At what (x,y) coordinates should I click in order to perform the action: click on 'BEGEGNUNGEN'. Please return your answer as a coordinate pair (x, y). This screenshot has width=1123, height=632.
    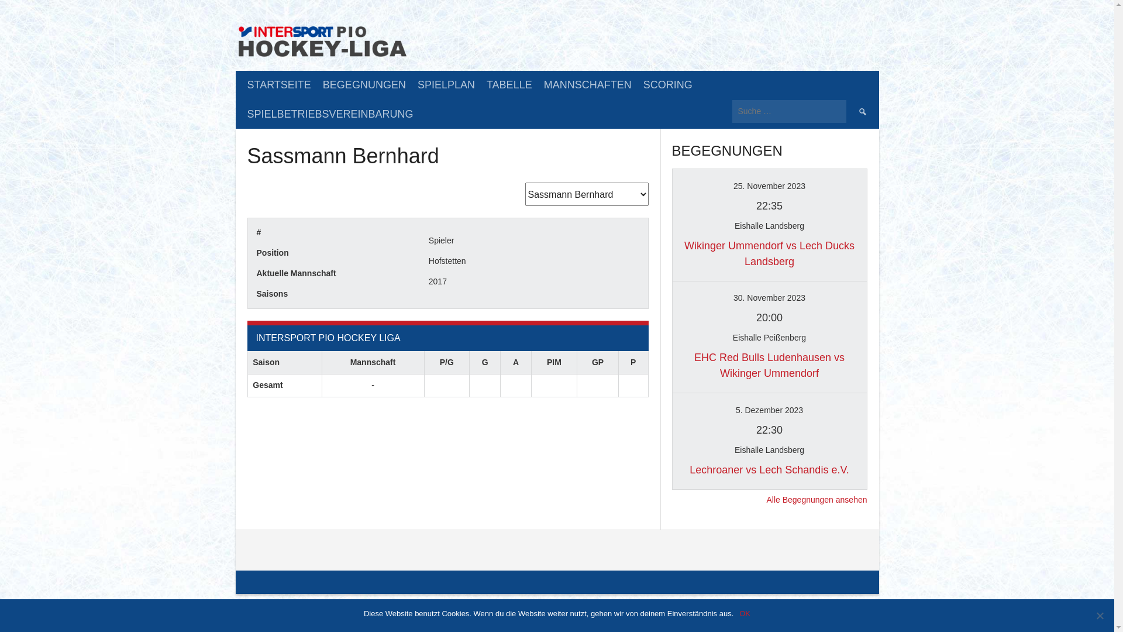
    Looking at the image, I should click on (317, 85).